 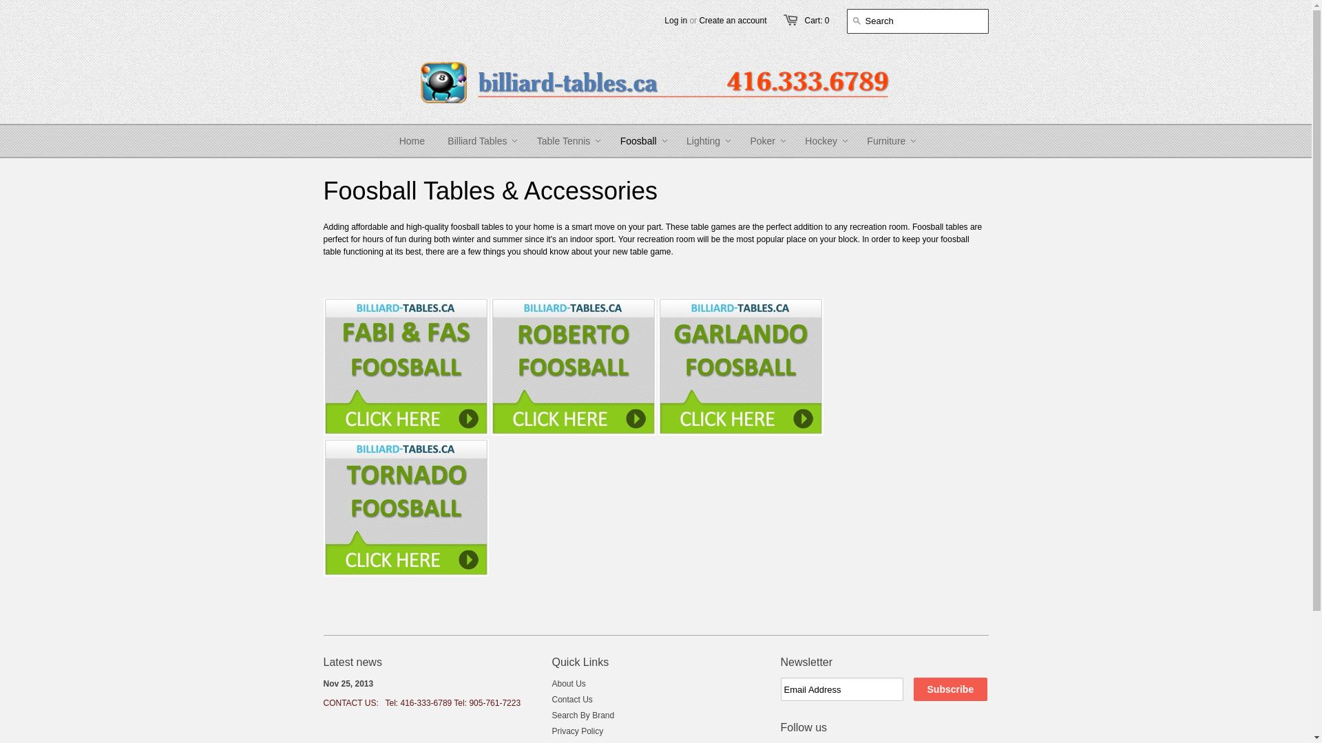 What do you see at coordinates (583, 715) in the screenshot?
I see `'Search By Brand'` at bounding box center [583, 715].